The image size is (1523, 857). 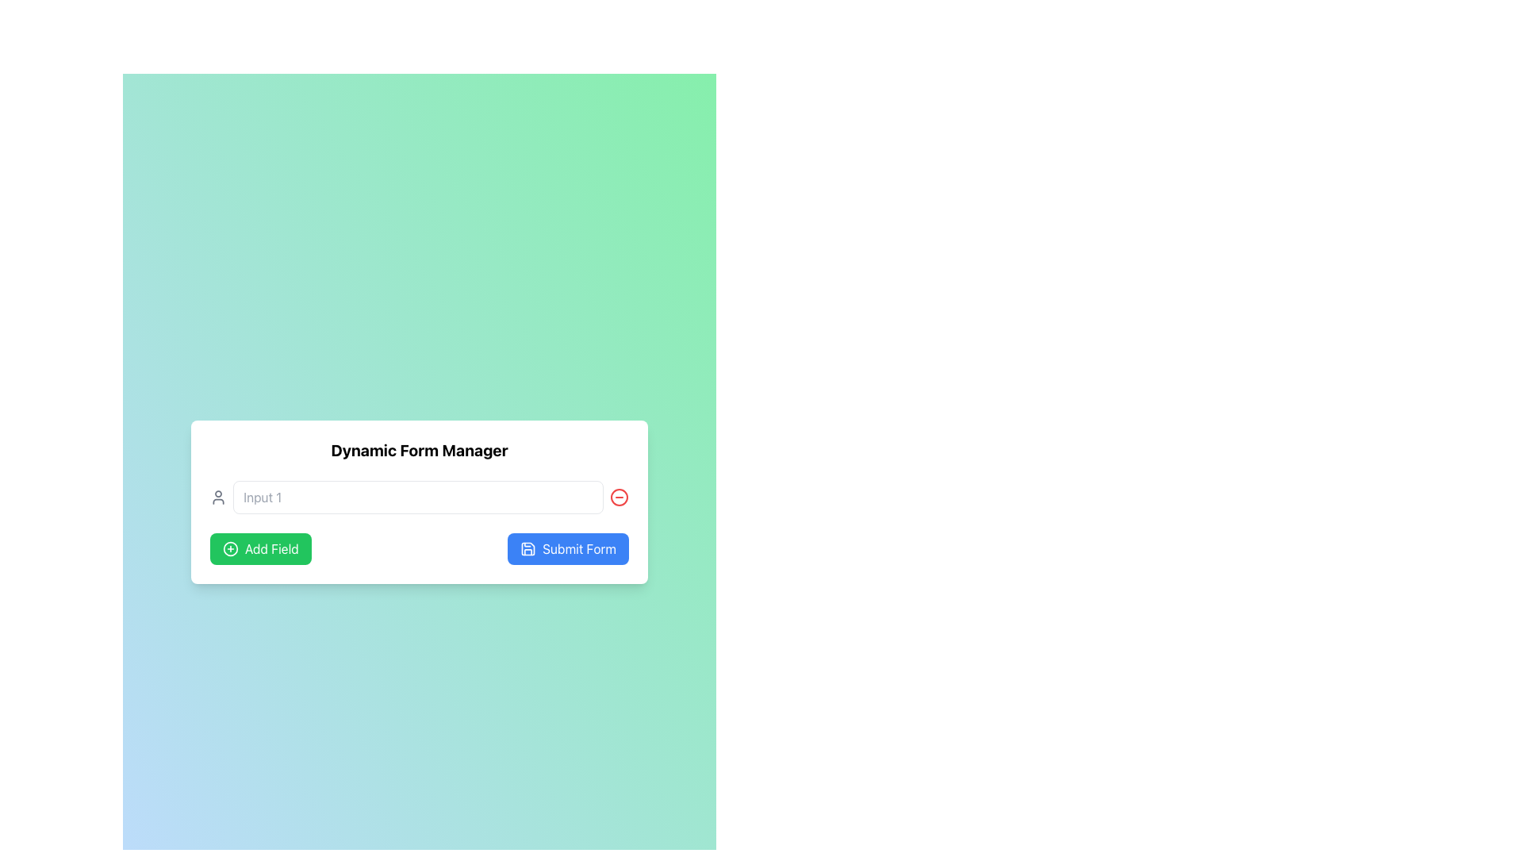 I want to click on the green 'Add Field' button with a white plus symbol, so click(x=260, y=548).